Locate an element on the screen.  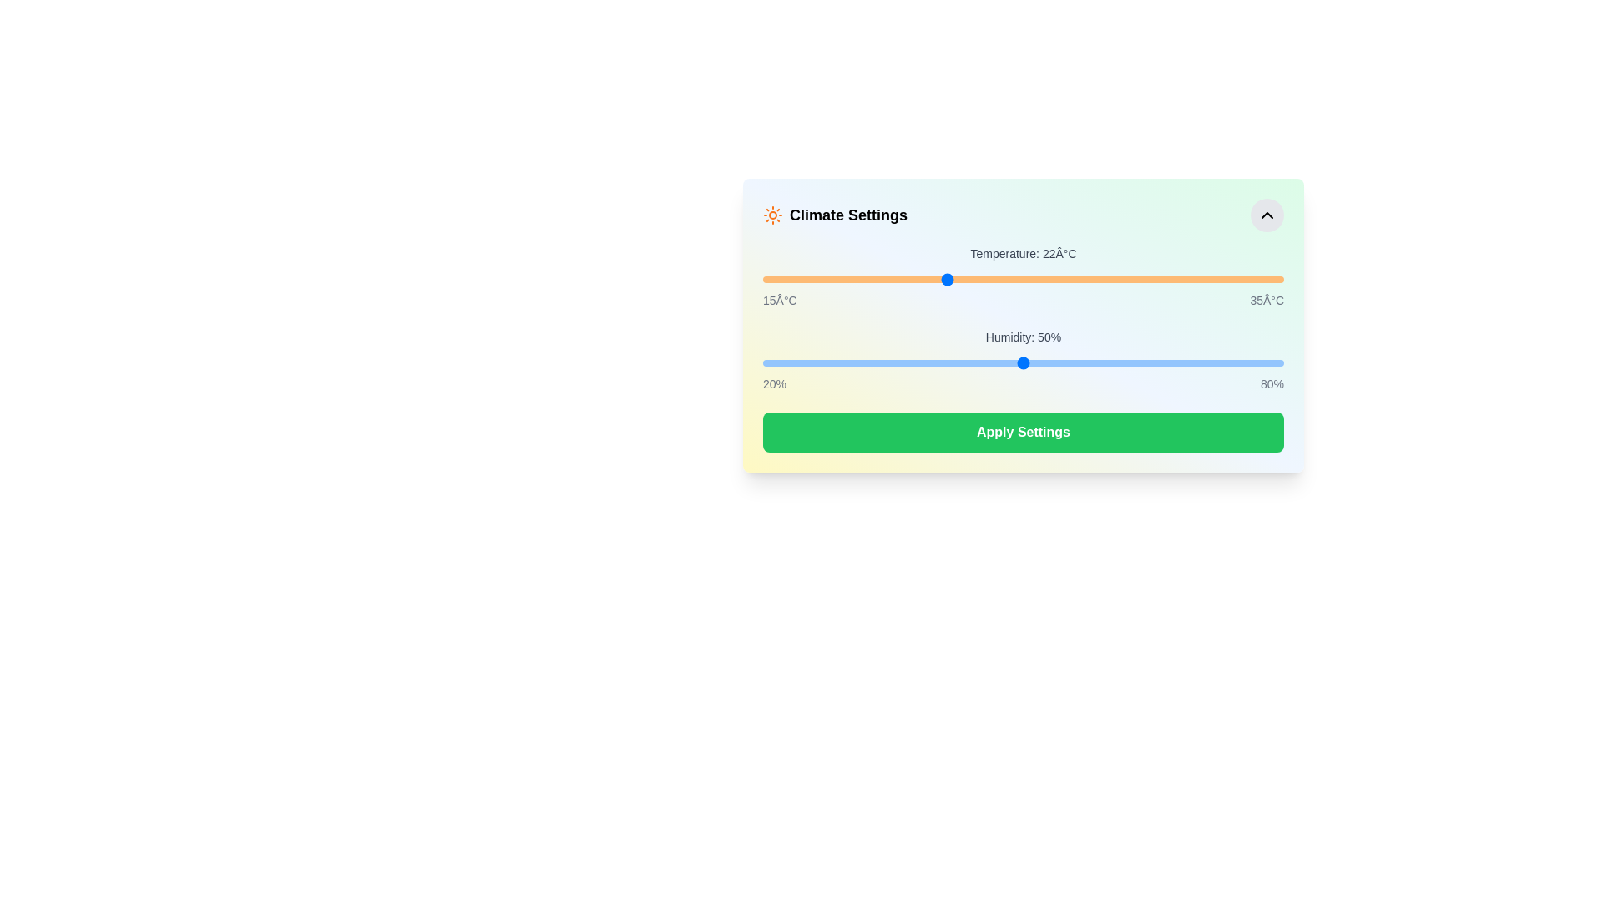
the temperature is located at coordinates (841, 279).